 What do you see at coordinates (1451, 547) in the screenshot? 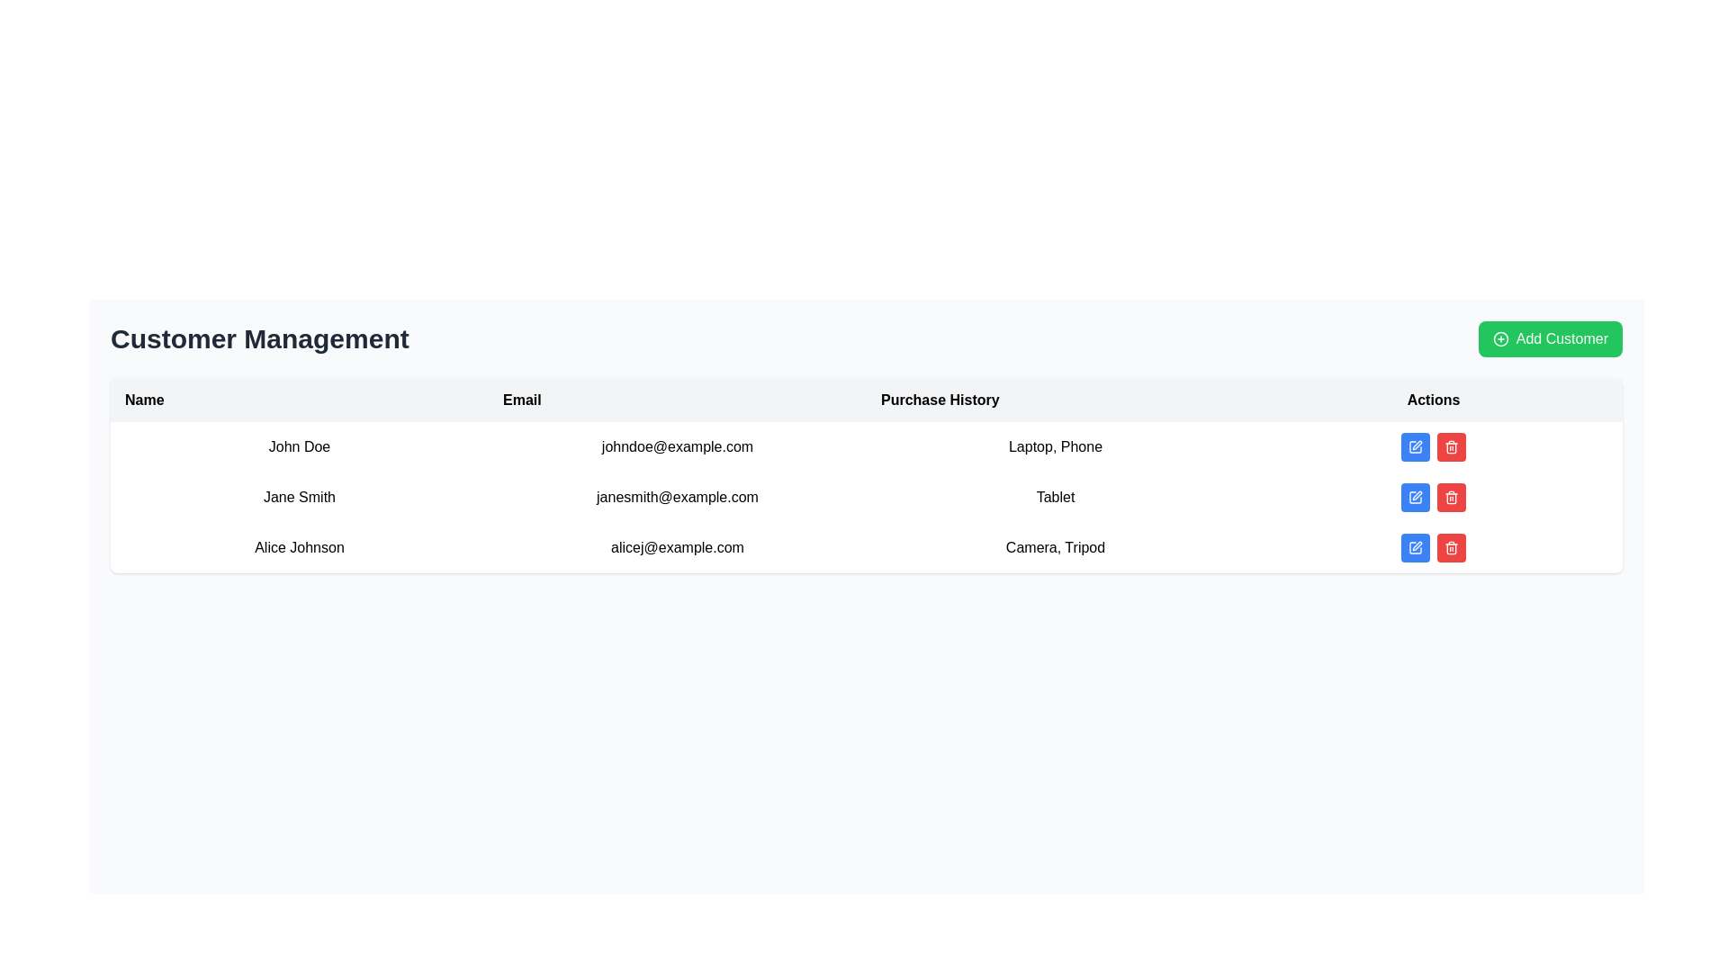
I see `the trash bin icon button with a red background and white color located in the 'Actions' column` at bounding box center [1451, 547].